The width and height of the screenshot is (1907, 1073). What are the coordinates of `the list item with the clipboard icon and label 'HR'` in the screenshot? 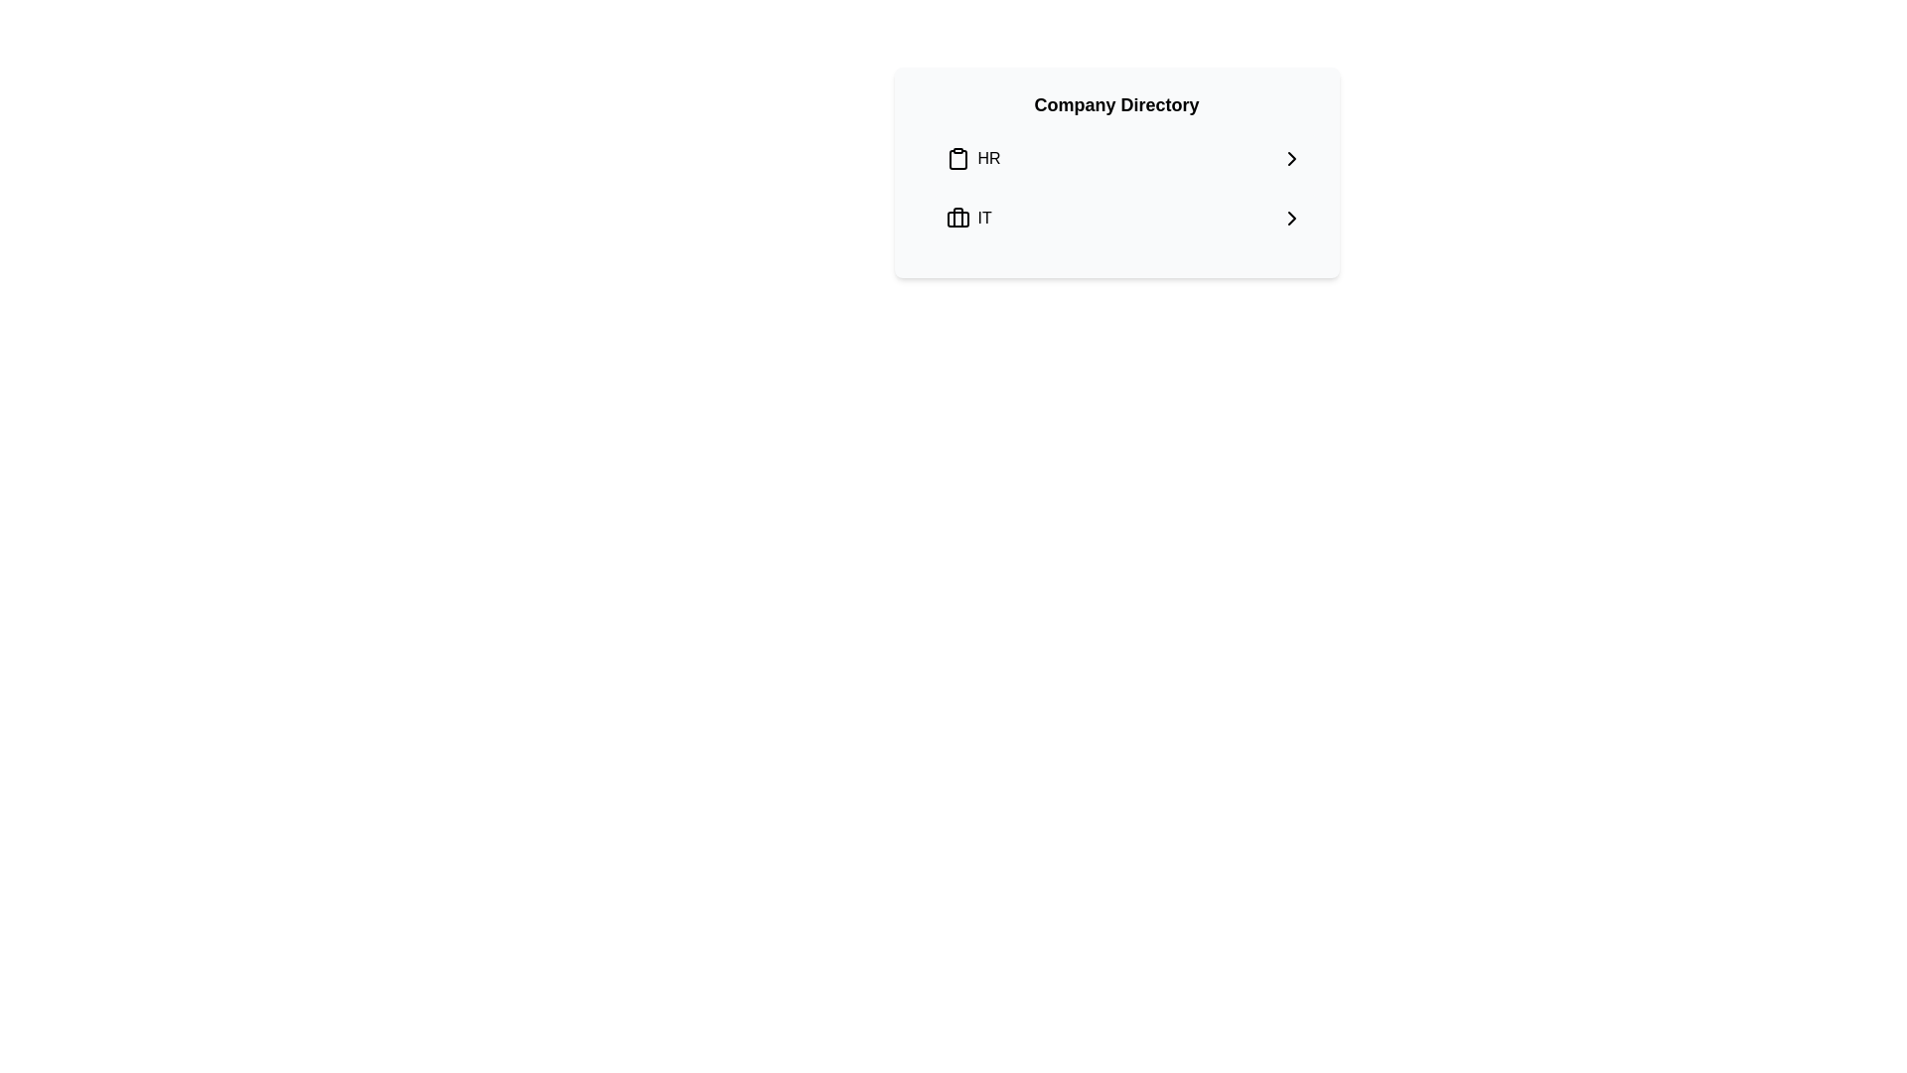 It's located at (972, 157).